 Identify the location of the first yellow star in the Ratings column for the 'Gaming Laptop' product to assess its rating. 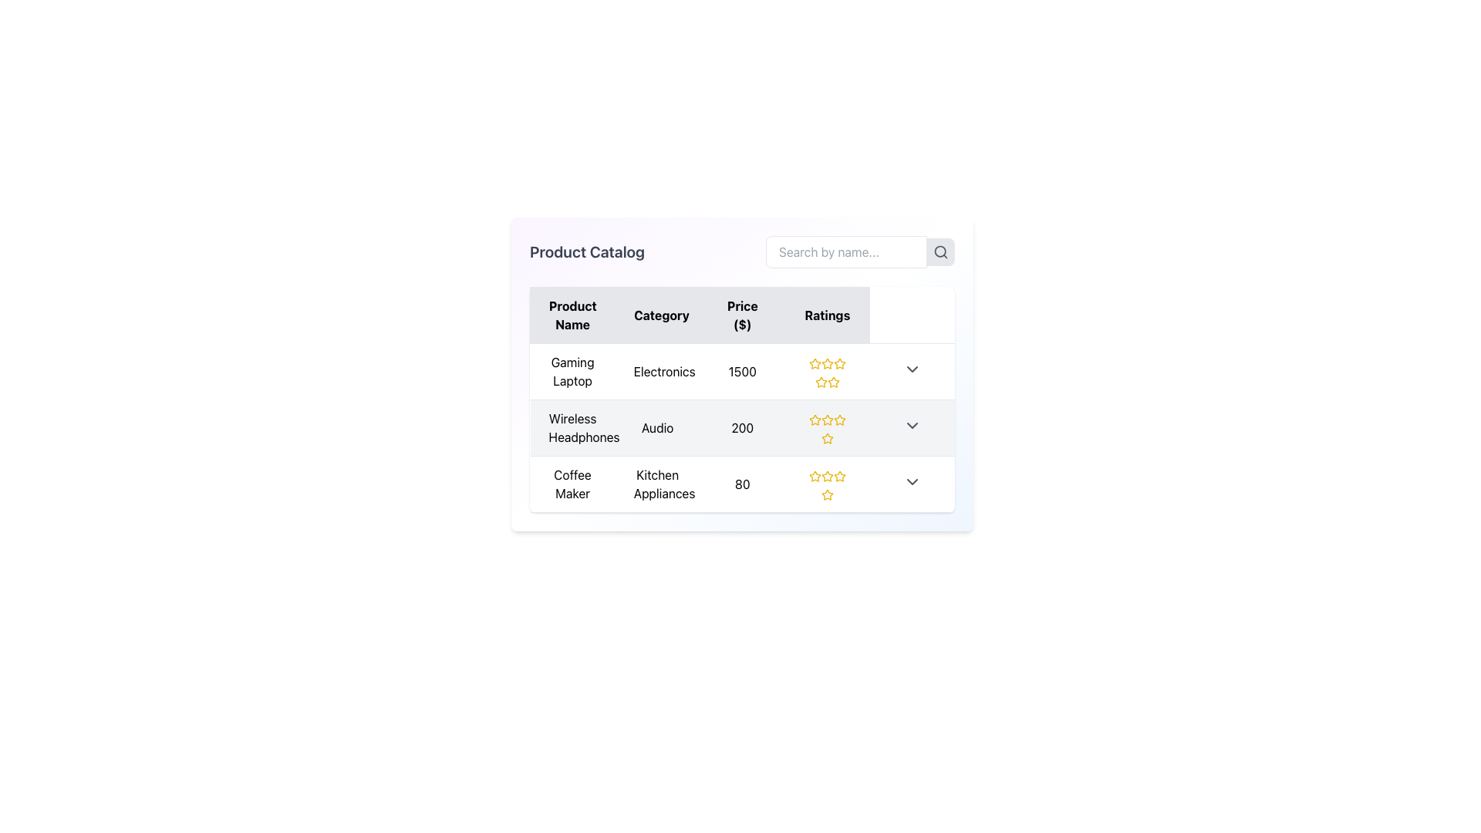
(814, 363).